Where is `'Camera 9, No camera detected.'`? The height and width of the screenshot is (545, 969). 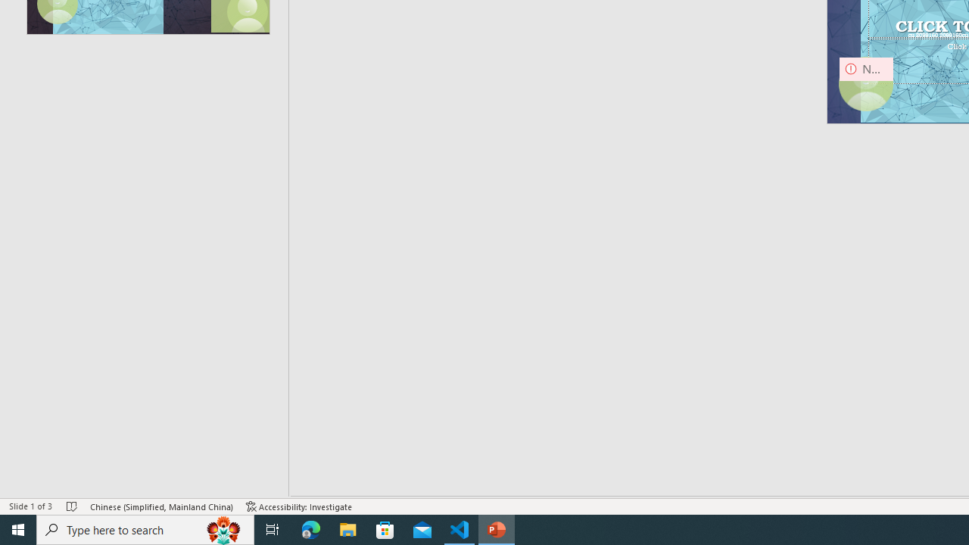
'Camera 9, No camera detected.' is located at coordinates (866, 84).